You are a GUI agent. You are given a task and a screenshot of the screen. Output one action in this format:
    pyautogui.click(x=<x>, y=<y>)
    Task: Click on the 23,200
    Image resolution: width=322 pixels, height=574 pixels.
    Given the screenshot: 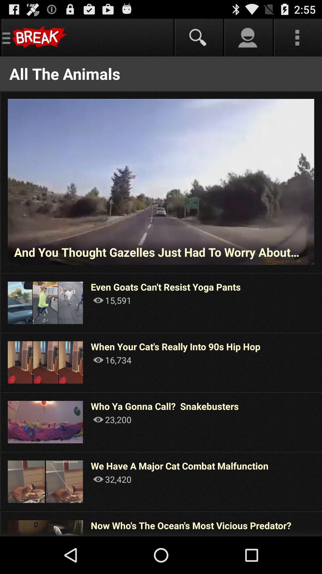 What is the action you would take?
    pyautogui.click(x=112, y=419)
    